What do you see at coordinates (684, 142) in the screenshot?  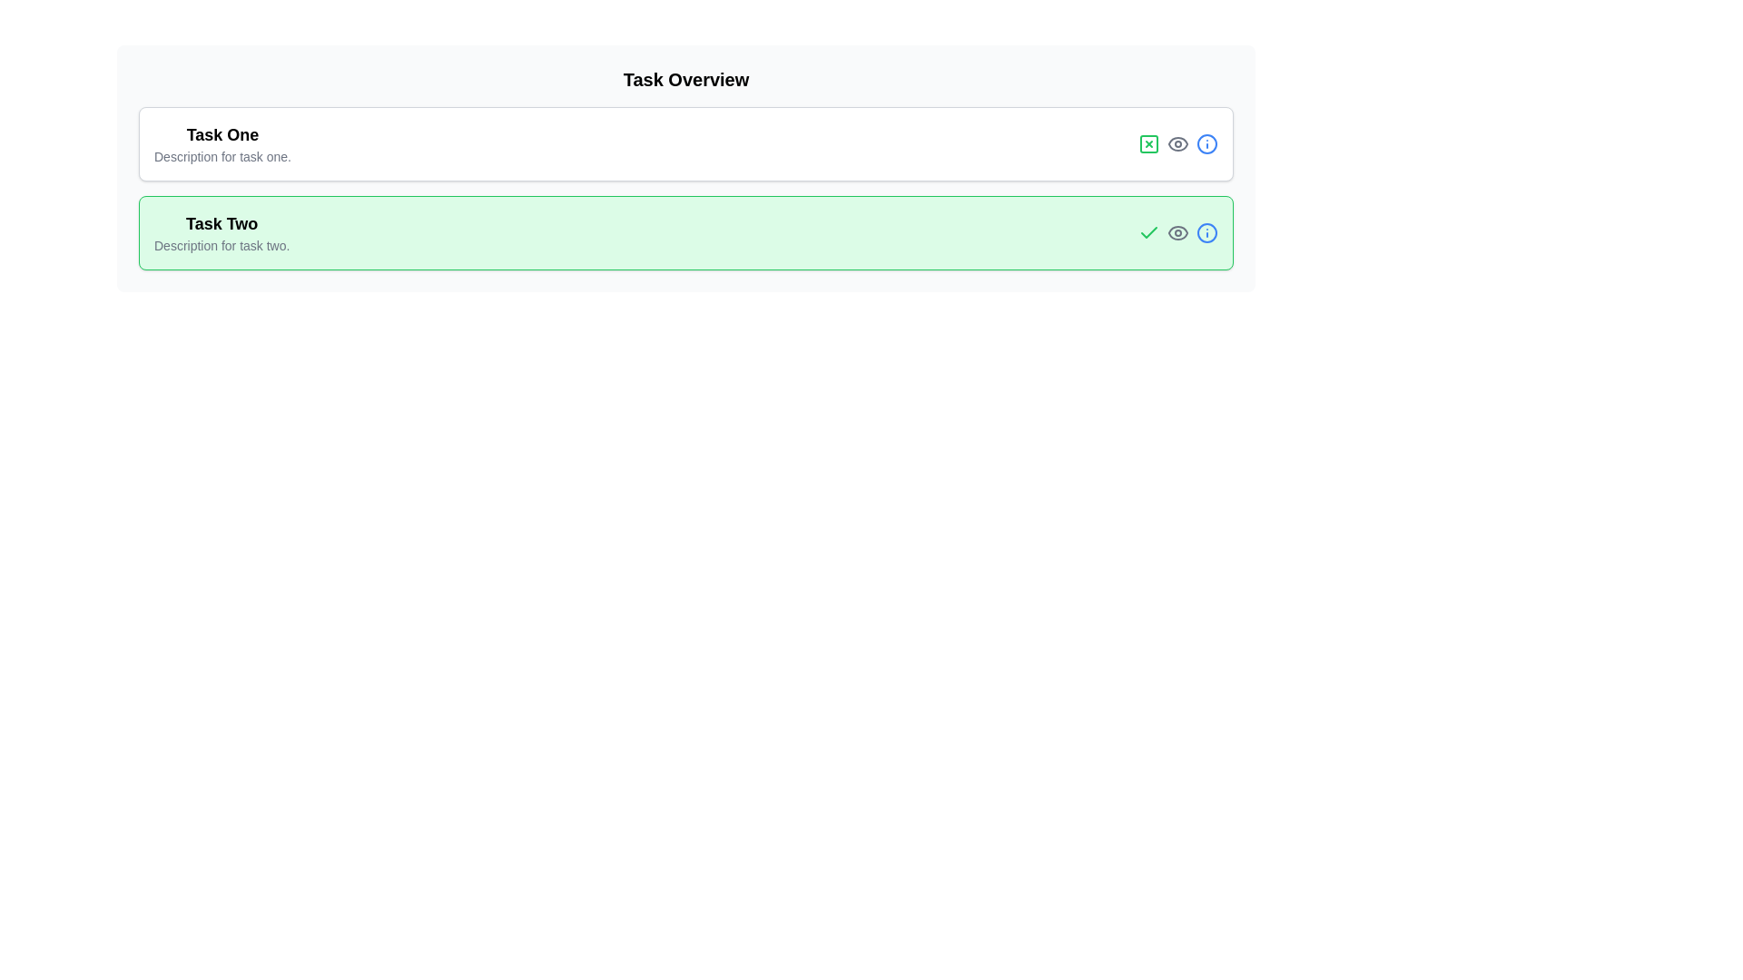 I see `the icons on the right side of the 'Task One' list item` at bounding box center [684, 142].